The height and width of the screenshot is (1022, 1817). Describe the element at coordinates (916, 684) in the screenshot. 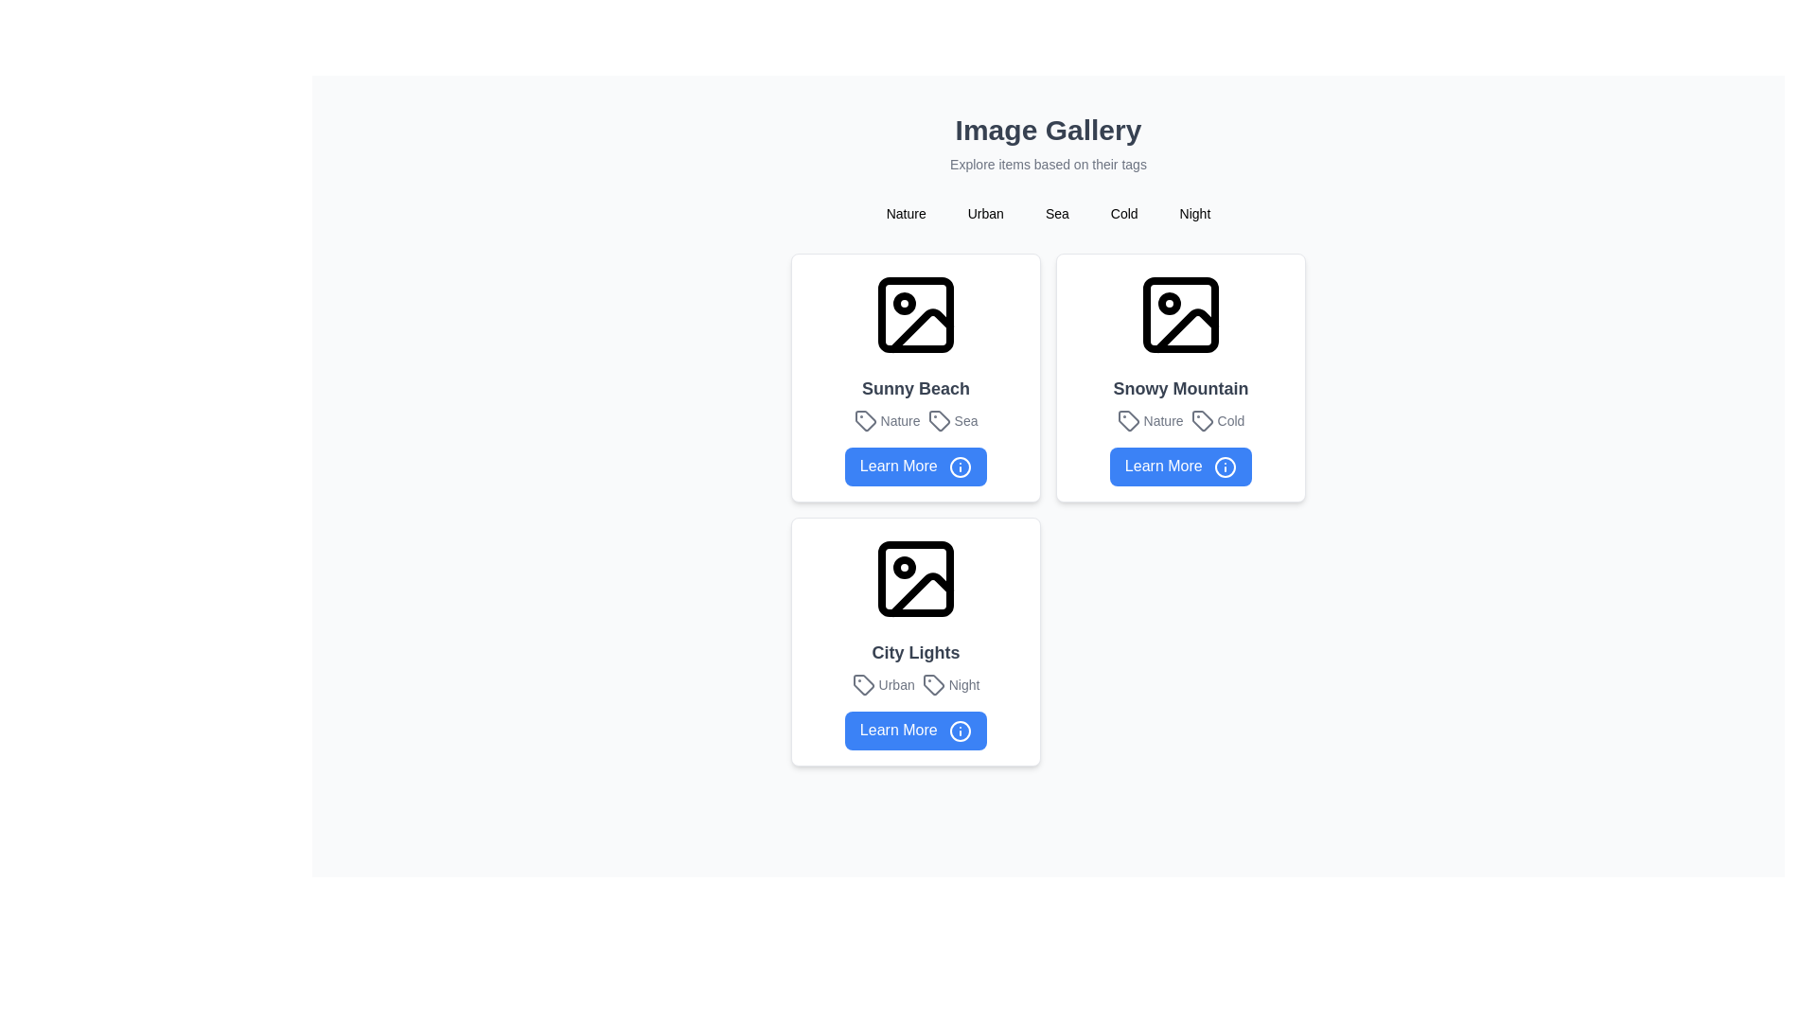

I see `the text labels 'Urban' and 'Night' which are styled in a smaller, gray font and positioned below the 'City Lights' heading within the 'City Lights' card` at that location.